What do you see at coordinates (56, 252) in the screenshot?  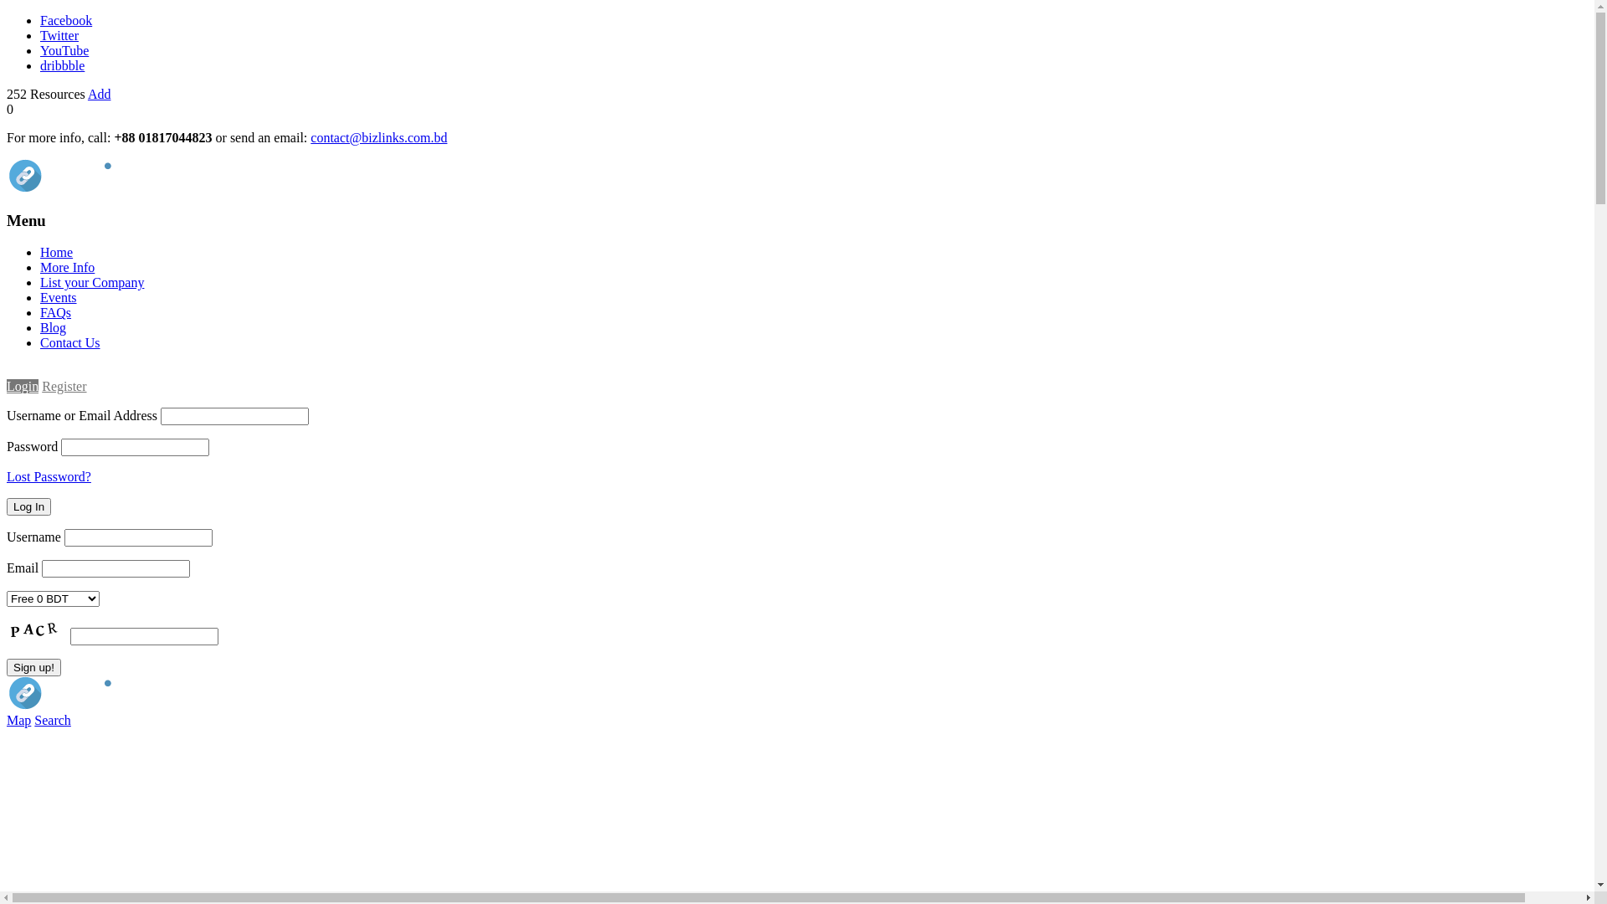 I see `'Home'` at bounding box center [56, 252].